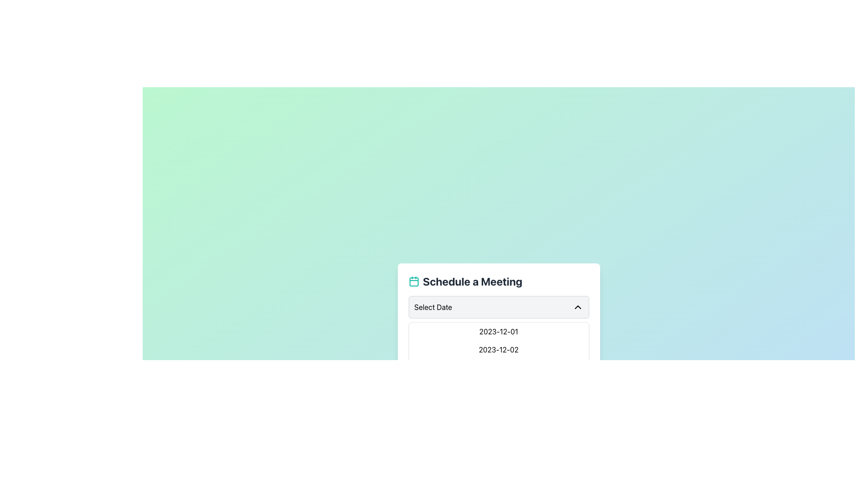 Image resolution: width=867 pixels, height=488 pixels. I want to click on the button displaying '01:00 PM' for additional effects, so click(498, 350).